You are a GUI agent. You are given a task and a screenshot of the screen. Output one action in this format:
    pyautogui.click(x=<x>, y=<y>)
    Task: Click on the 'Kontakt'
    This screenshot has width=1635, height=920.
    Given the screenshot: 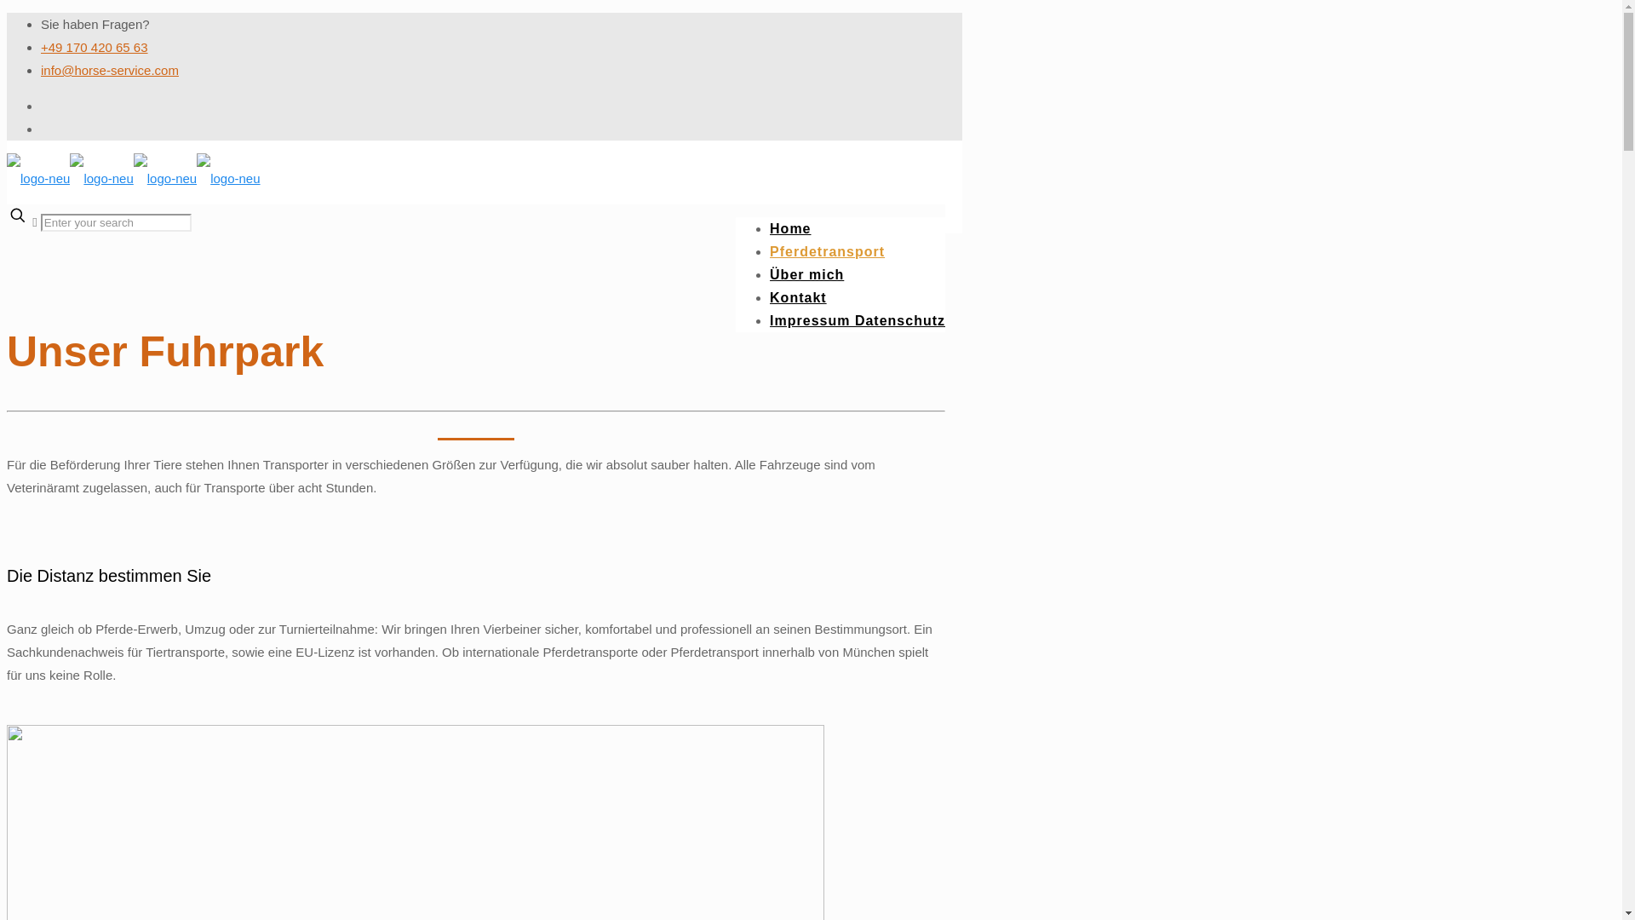 What is the action you would take?
    pyautogui.click(x=797, y=296)
    